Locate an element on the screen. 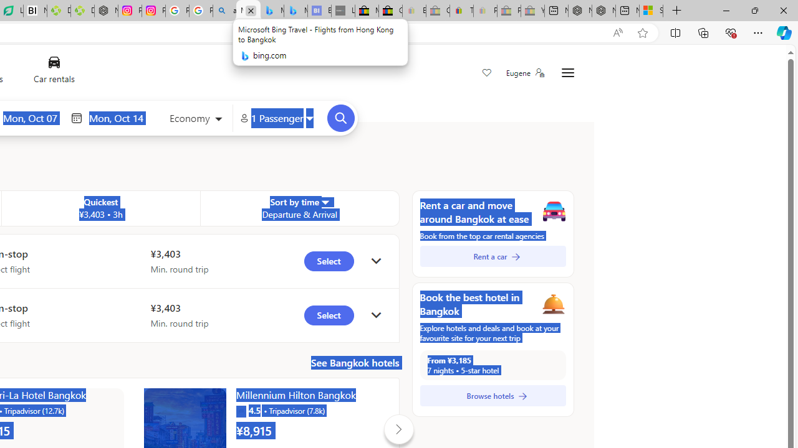 The height and width of the screenshot is (448, 798). 'Click to scroll right' is located at coordinates (398, 429).